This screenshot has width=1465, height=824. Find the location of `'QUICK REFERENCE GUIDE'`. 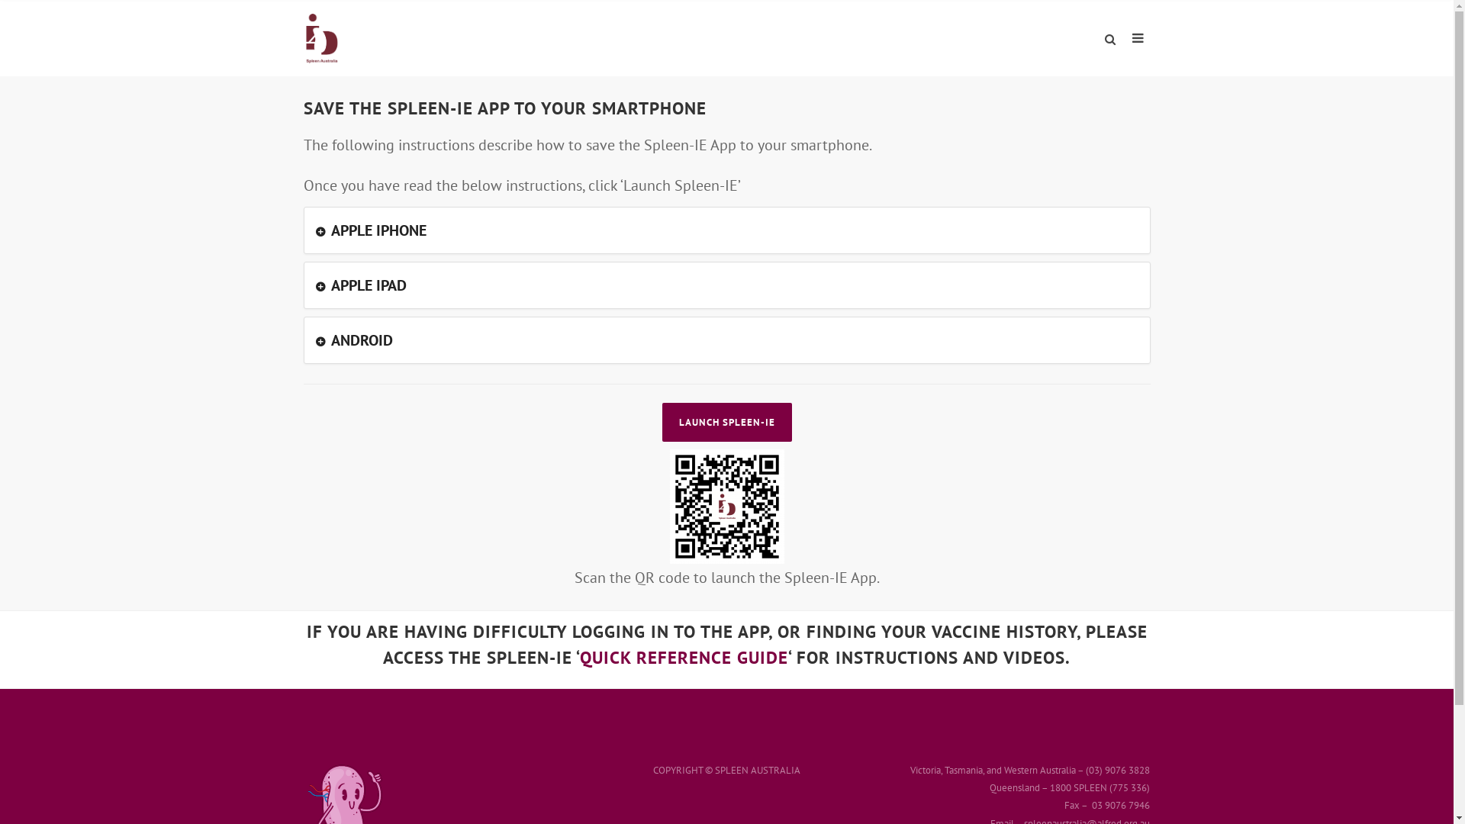

'QUICK REFERENCE GUIDE' is located at coordinates (683, 656).